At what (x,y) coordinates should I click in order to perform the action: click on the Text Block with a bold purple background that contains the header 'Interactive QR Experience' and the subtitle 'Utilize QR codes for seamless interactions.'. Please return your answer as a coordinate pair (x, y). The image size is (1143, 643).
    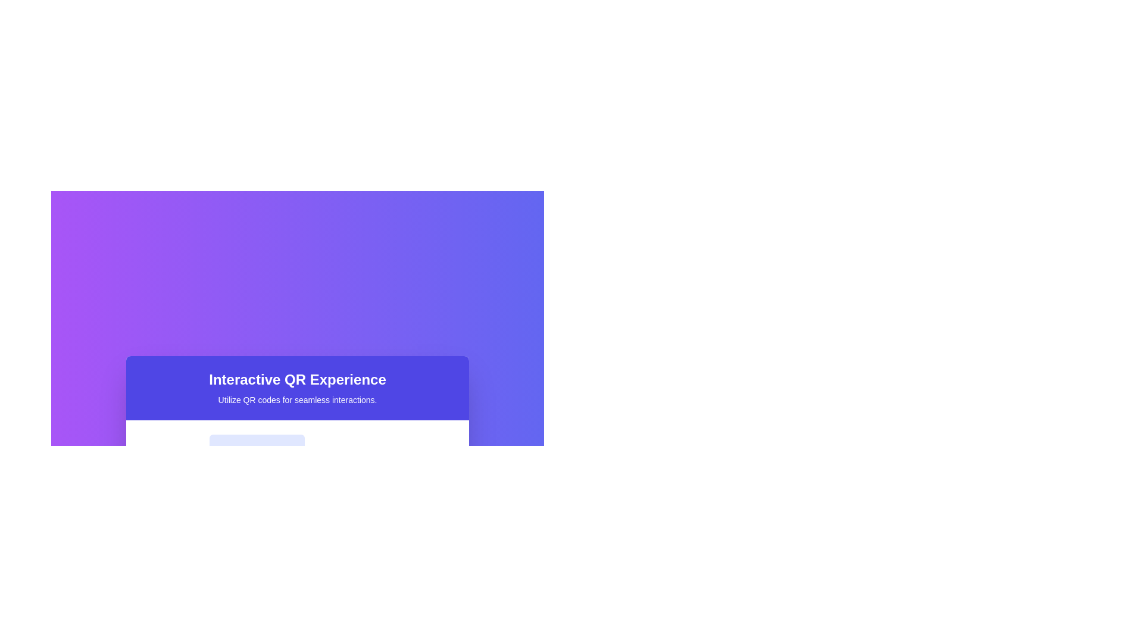
    Looking at the image, I should click on (297, 388).